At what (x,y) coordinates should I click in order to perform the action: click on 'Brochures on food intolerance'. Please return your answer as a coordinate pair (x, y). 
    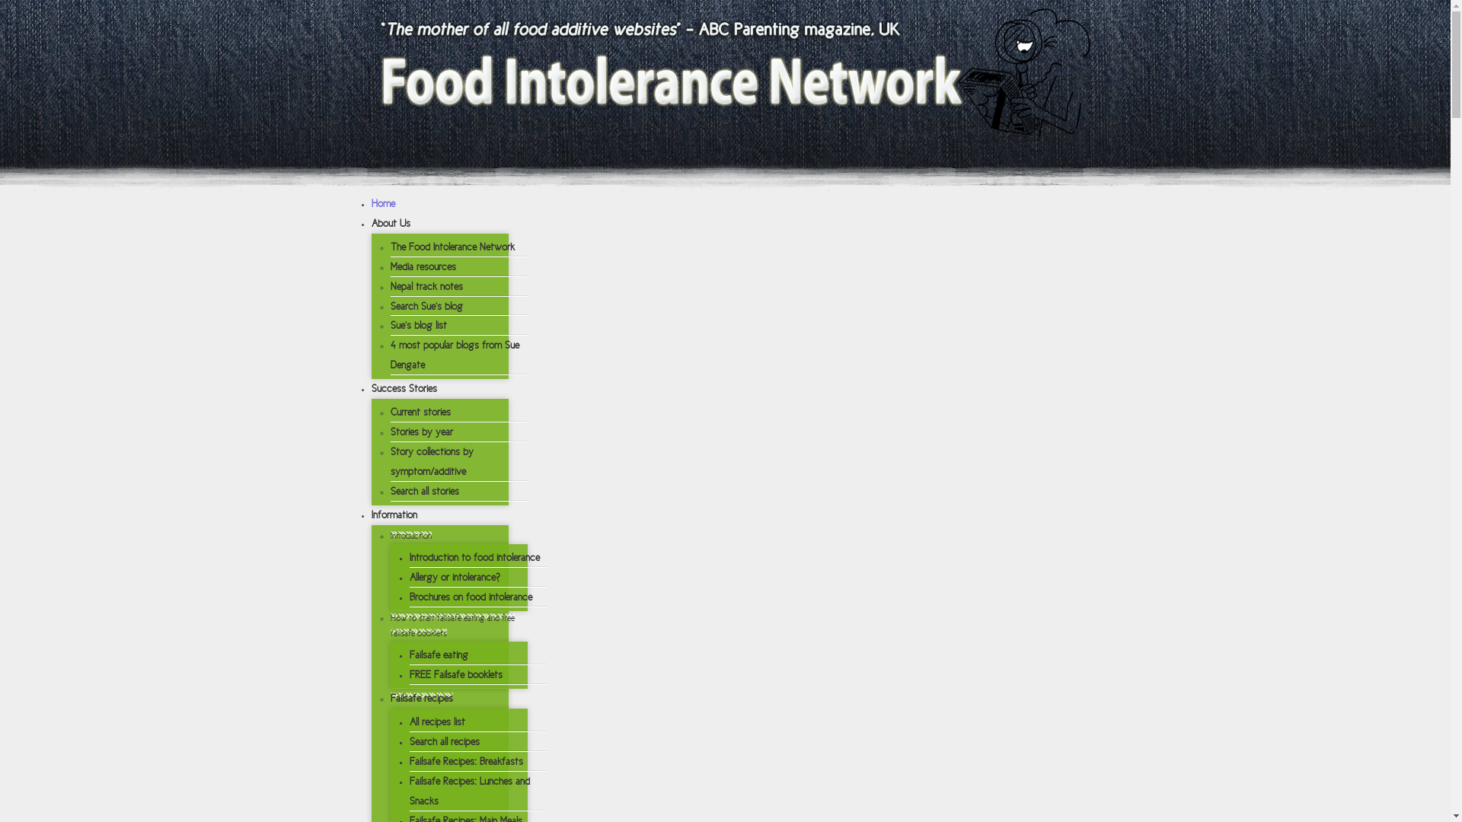
    Looking at the image, I should click on (409, 596).